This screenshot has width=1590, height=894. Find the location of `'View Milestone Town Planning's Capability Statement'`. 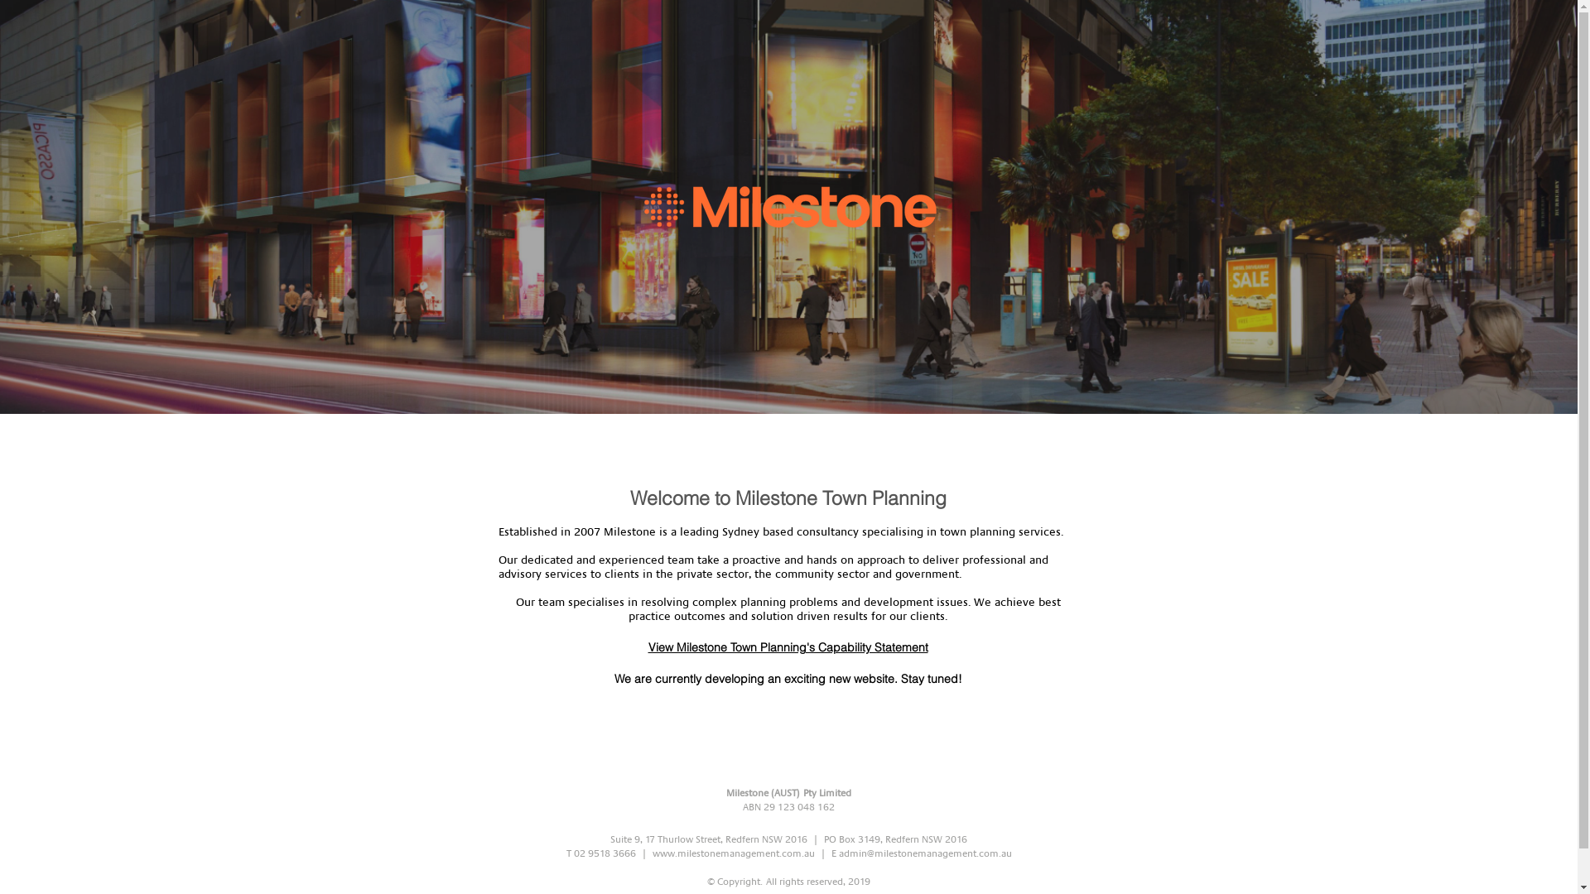

'View Milestone Town Planning's Capability Statement' is located at coordinates (786, 647).